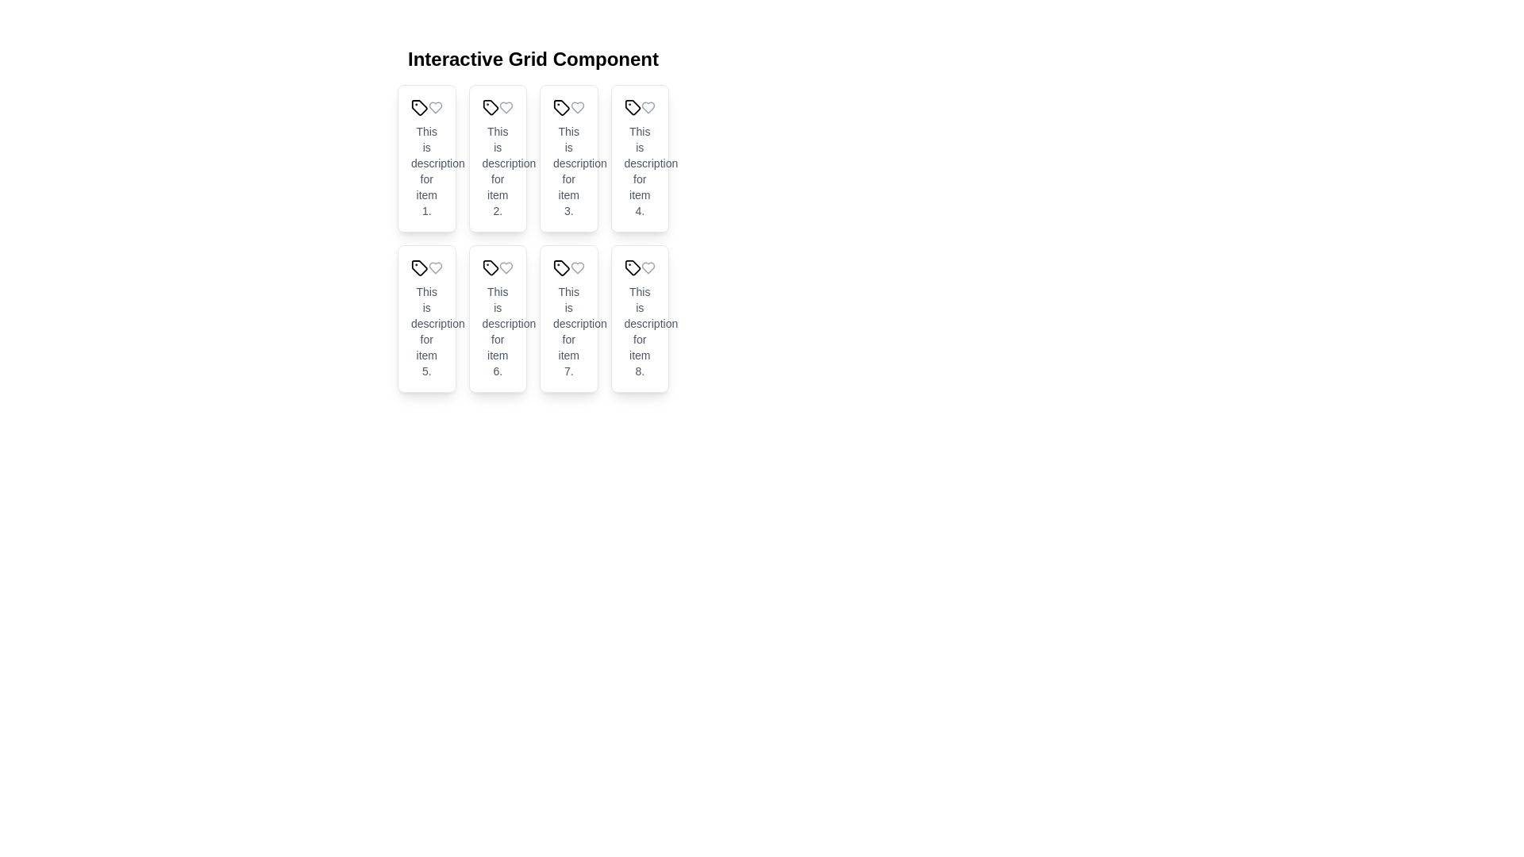 The image size is (1524, 857). What do you see at coordinates (561, 267) in the screenshot?
I see `the tag icon represented by the SVG element located on the leftmost side of 'Tile 7'` at bounding box center [561, 267].